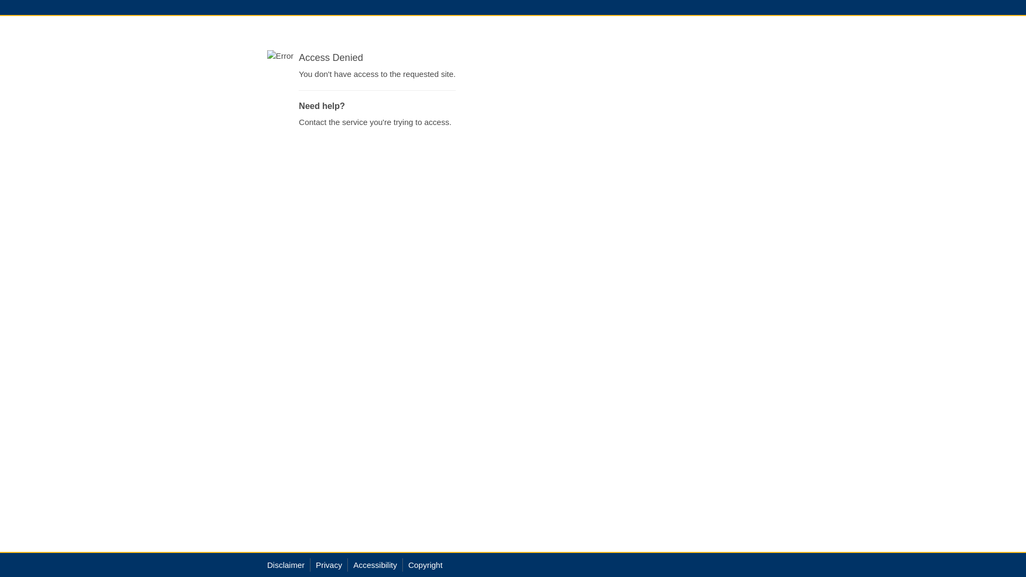 This screenshot has height=577, width=1026. I want to click on 'Accessibility', so click(375, 564).